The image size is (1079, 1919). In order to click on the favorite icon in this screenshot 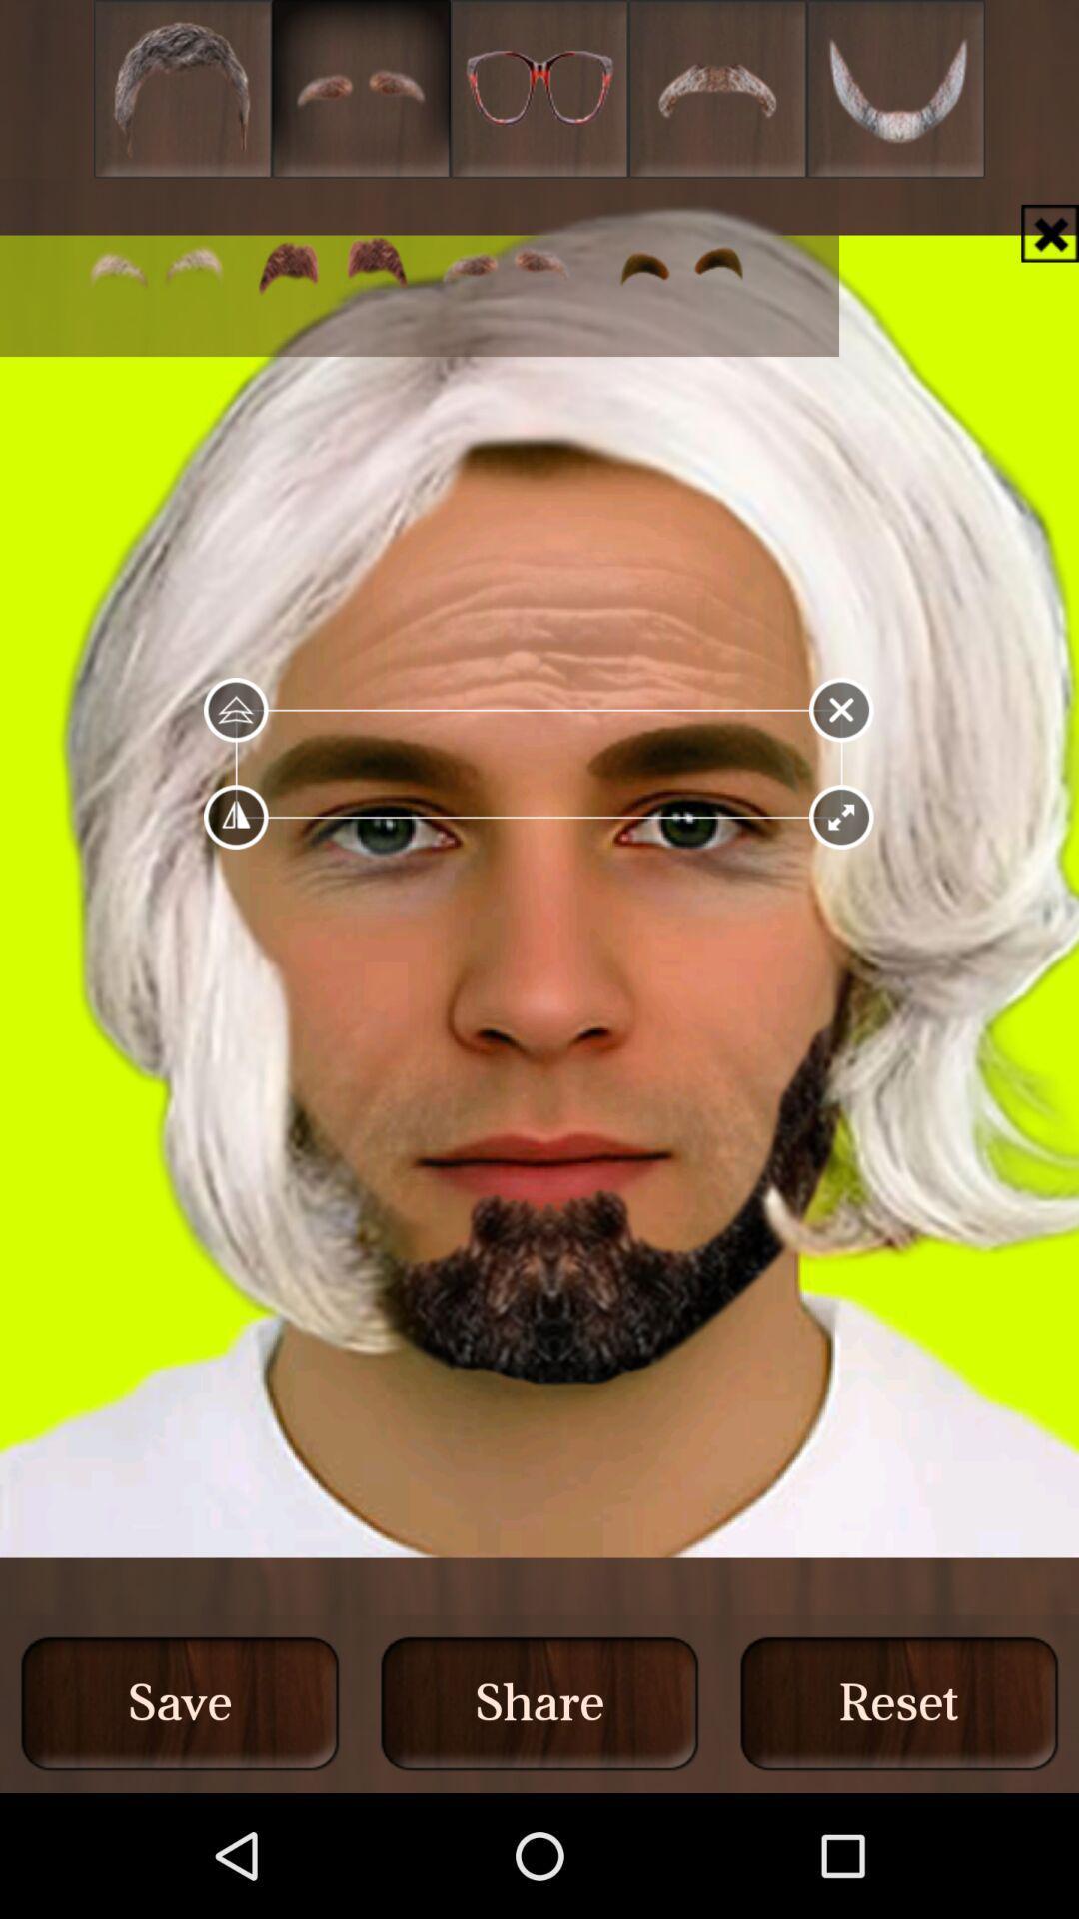, I will do `click(539, 94)`.